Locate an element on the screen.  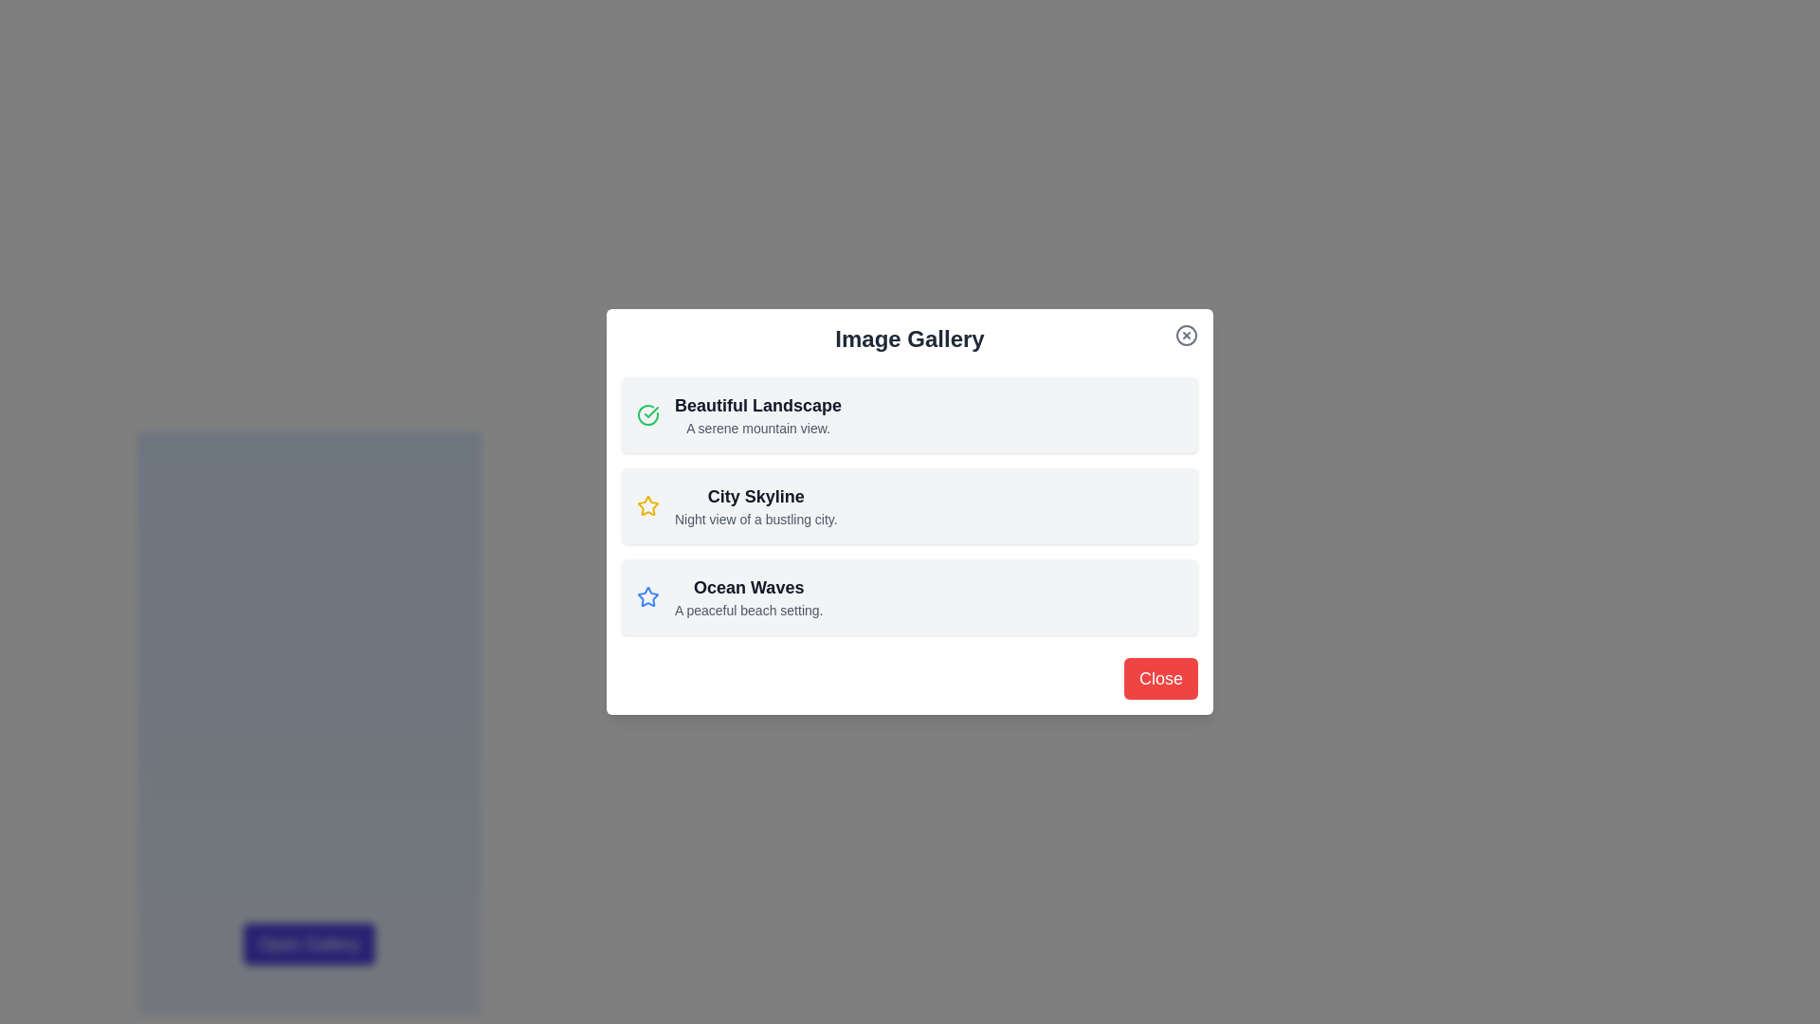
the blue-outlined star icon located to the left of the text 'Ocean Waves' in the last list item is located at coordinates (648, 595).